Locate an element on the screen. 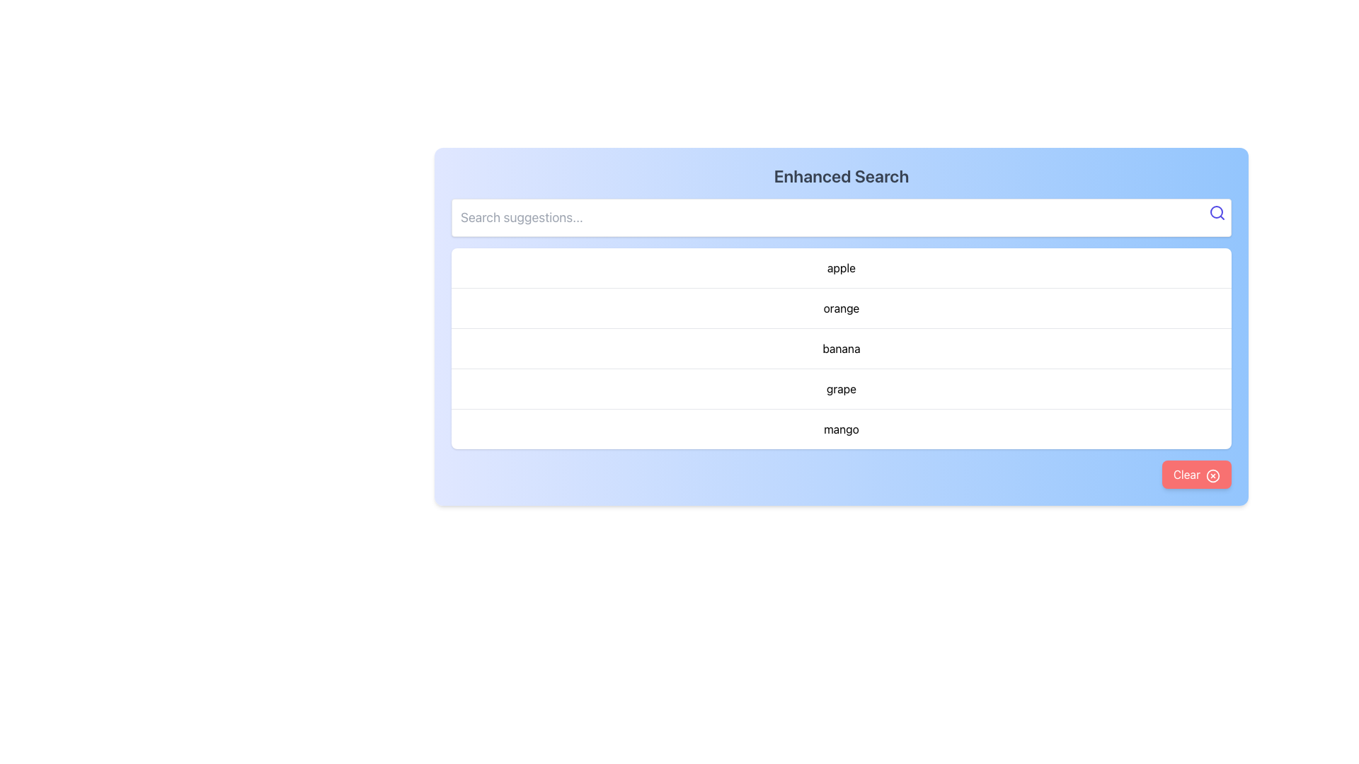 This screenshot has width=1359, height=764. the label displaying the word 'orange', which is the second item in a vertically stacked list of five items, located below 'apple' and above 'banana' is located at coordinates (842, 307).